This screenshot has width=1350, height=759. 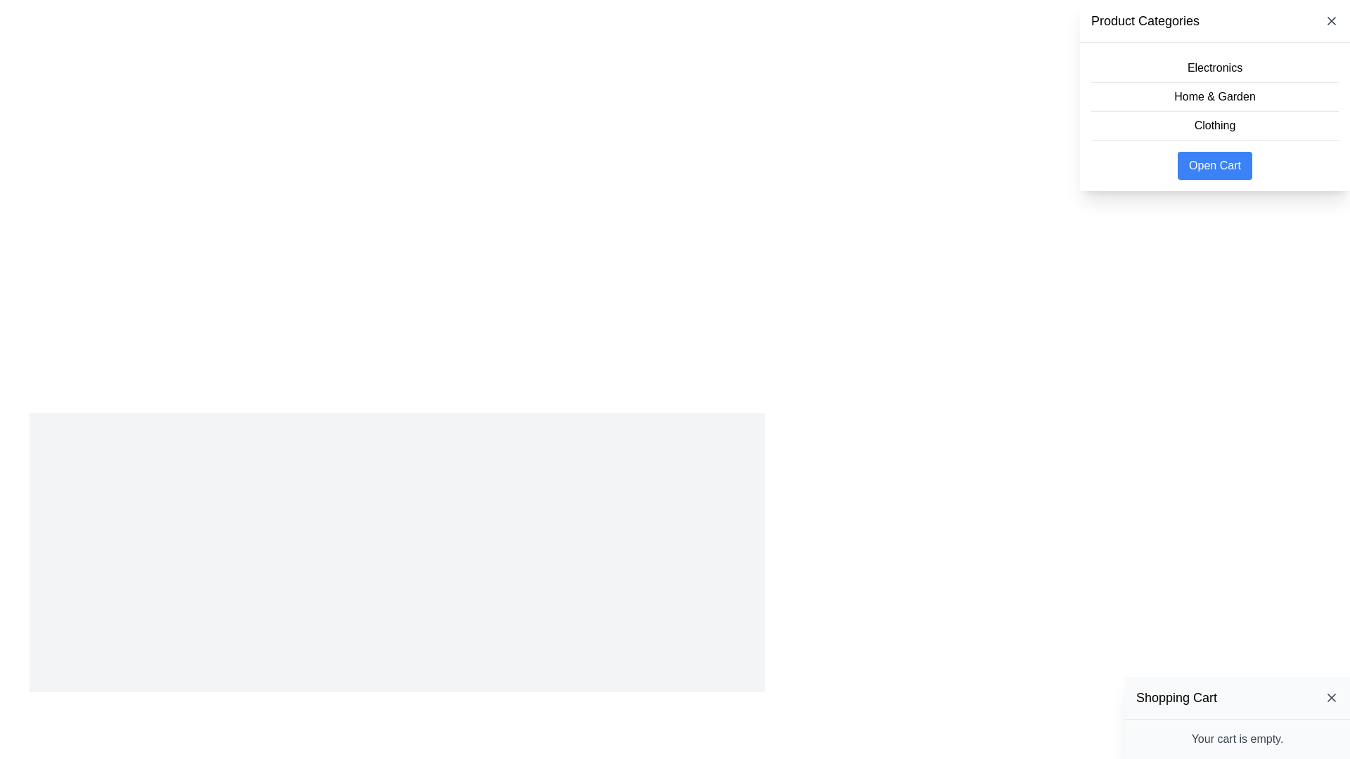 What do you see at coordinates (1214, 96) in the screenshot?
I see `the text label element reading 'Home & Garden', which is the second item in the 'Product Categories' menu` at bounding box center [1214, 96].